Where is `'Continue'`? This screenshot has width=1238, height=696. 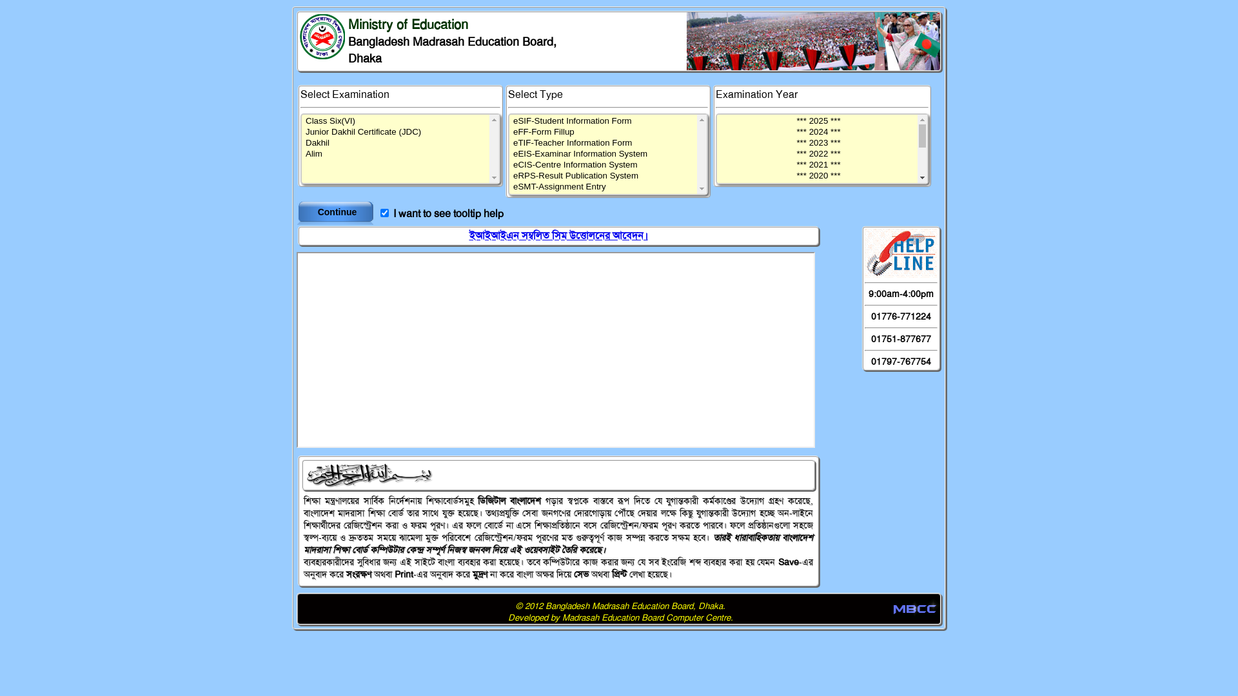 'Continue' is located at coordinates (337, 211).